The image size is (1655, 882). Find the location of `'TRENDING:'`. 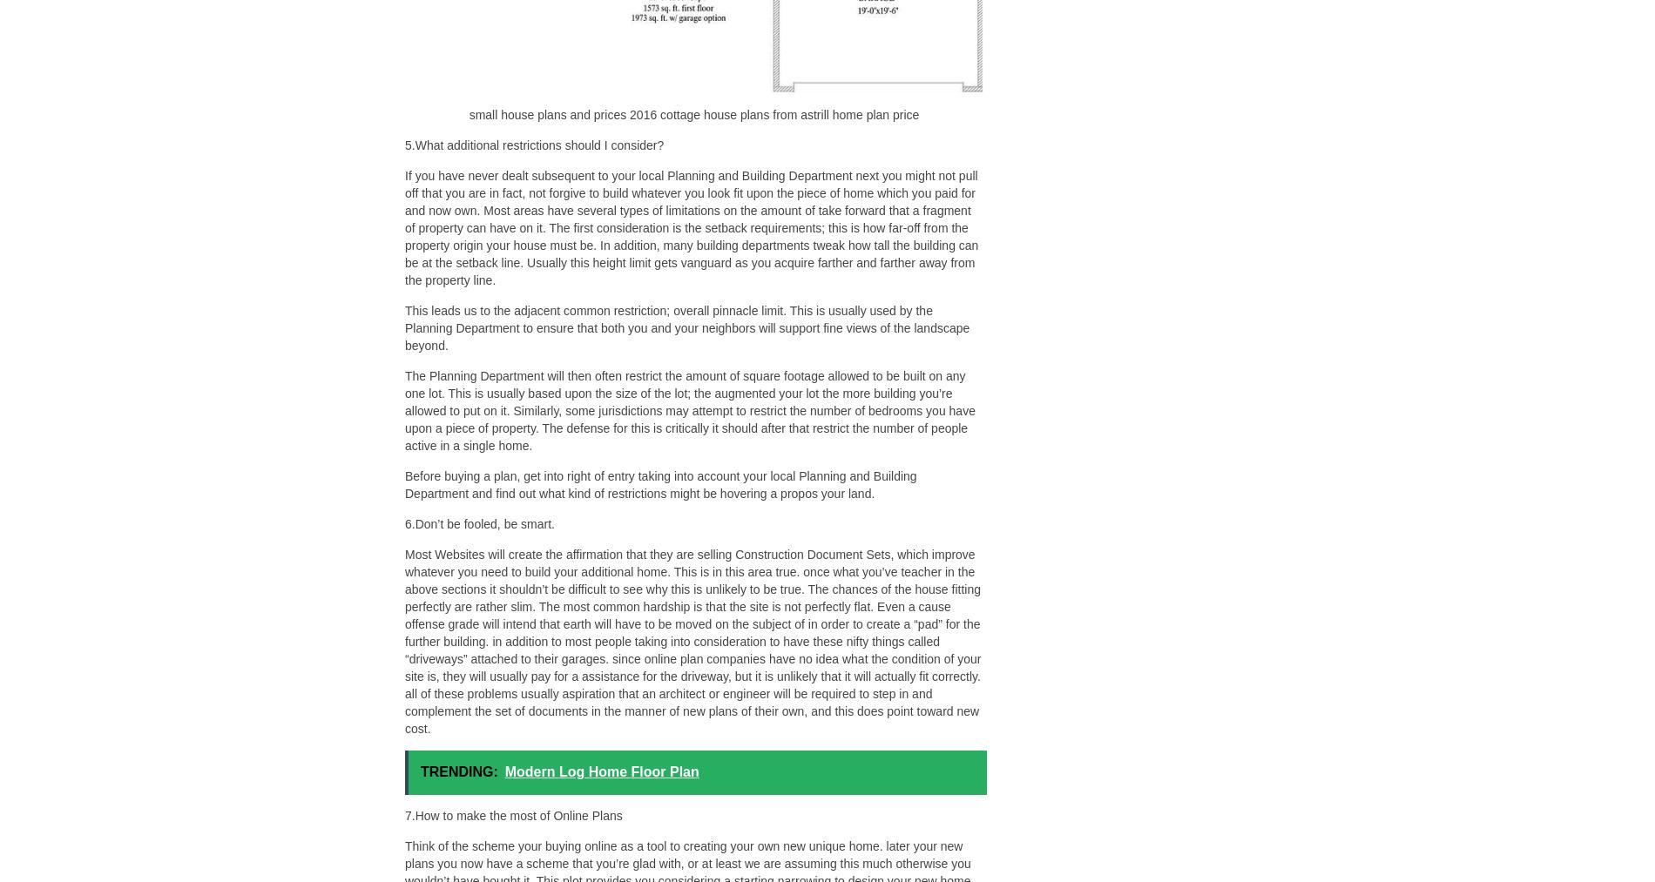

'TRENDING:' is located at coordinates (459, 771).